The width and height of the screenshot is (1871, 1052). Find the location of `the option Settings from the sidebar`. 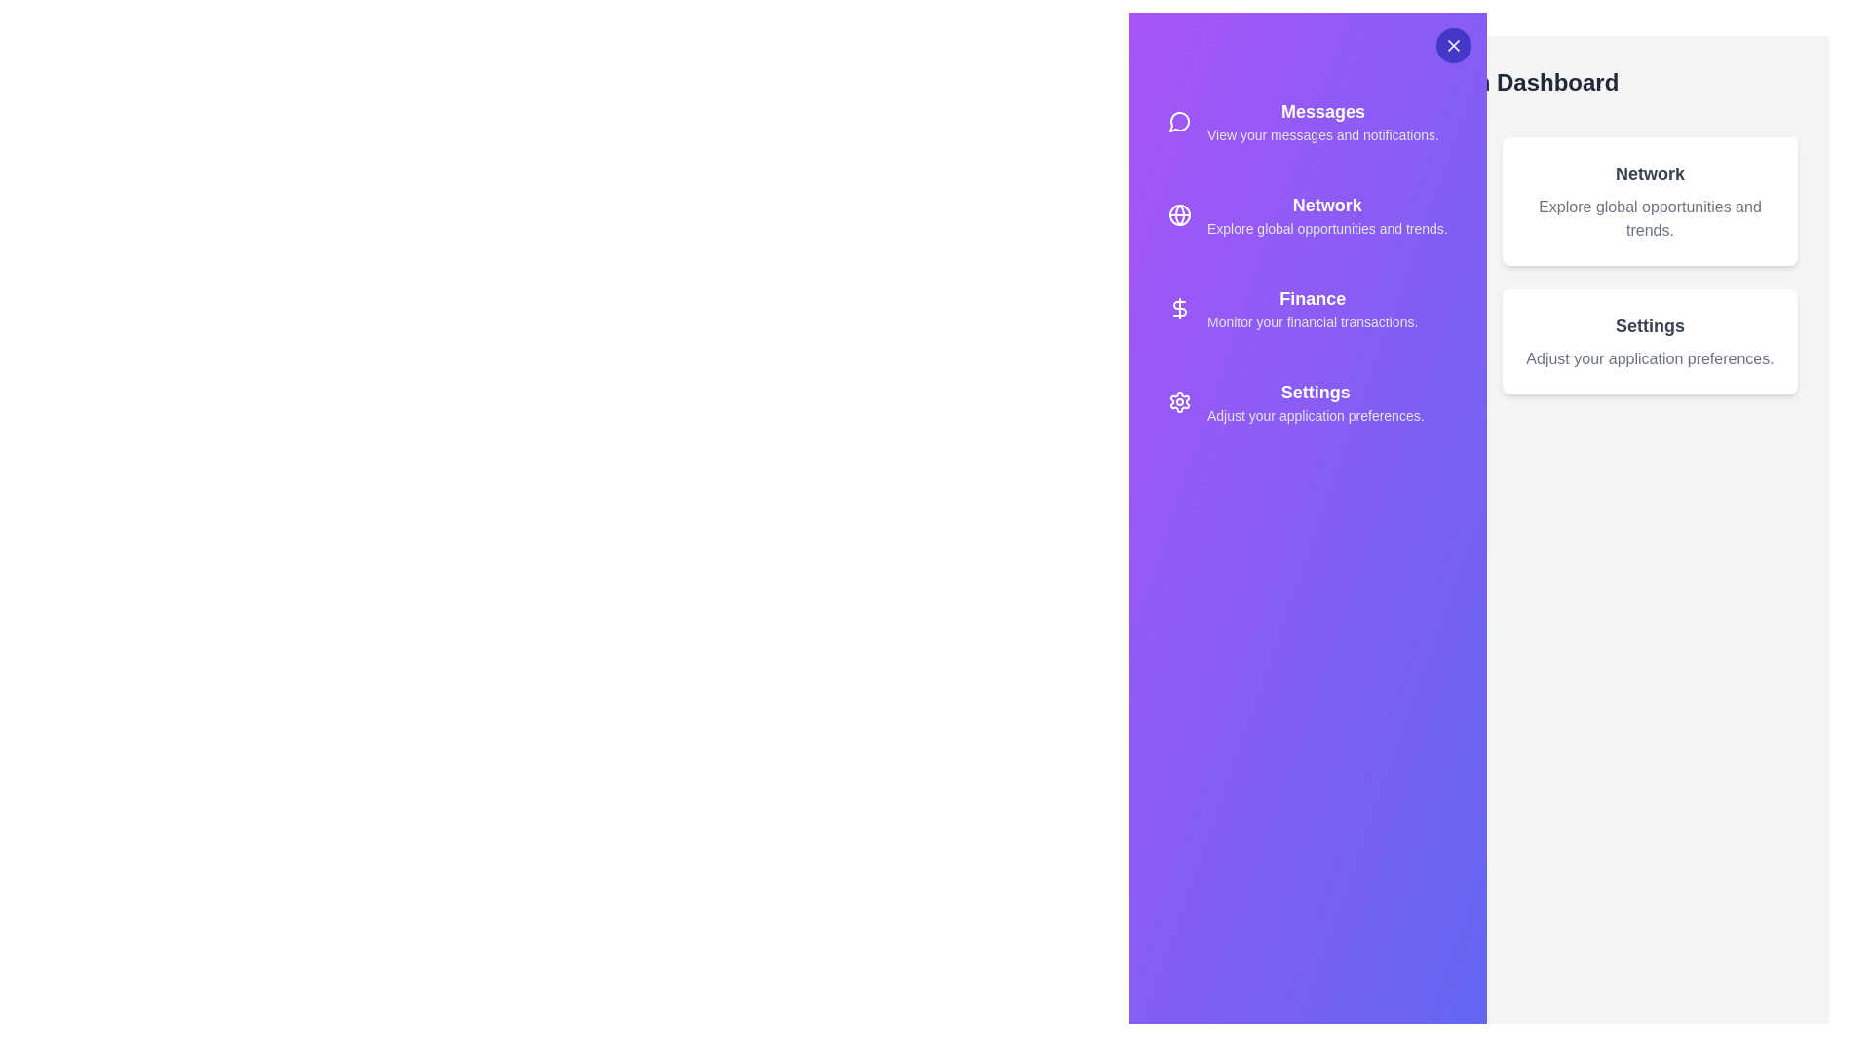

the option Settings from the sidebar is located at coordinates (1308, 400).